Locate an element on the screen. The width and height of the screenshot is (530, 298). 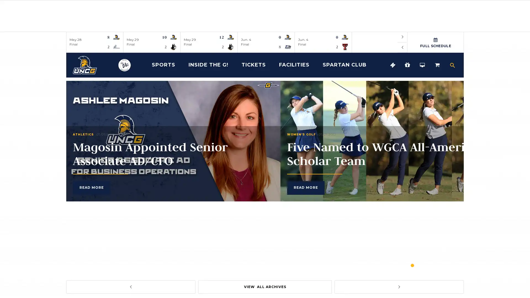
next is located at coordinates (399, 287).